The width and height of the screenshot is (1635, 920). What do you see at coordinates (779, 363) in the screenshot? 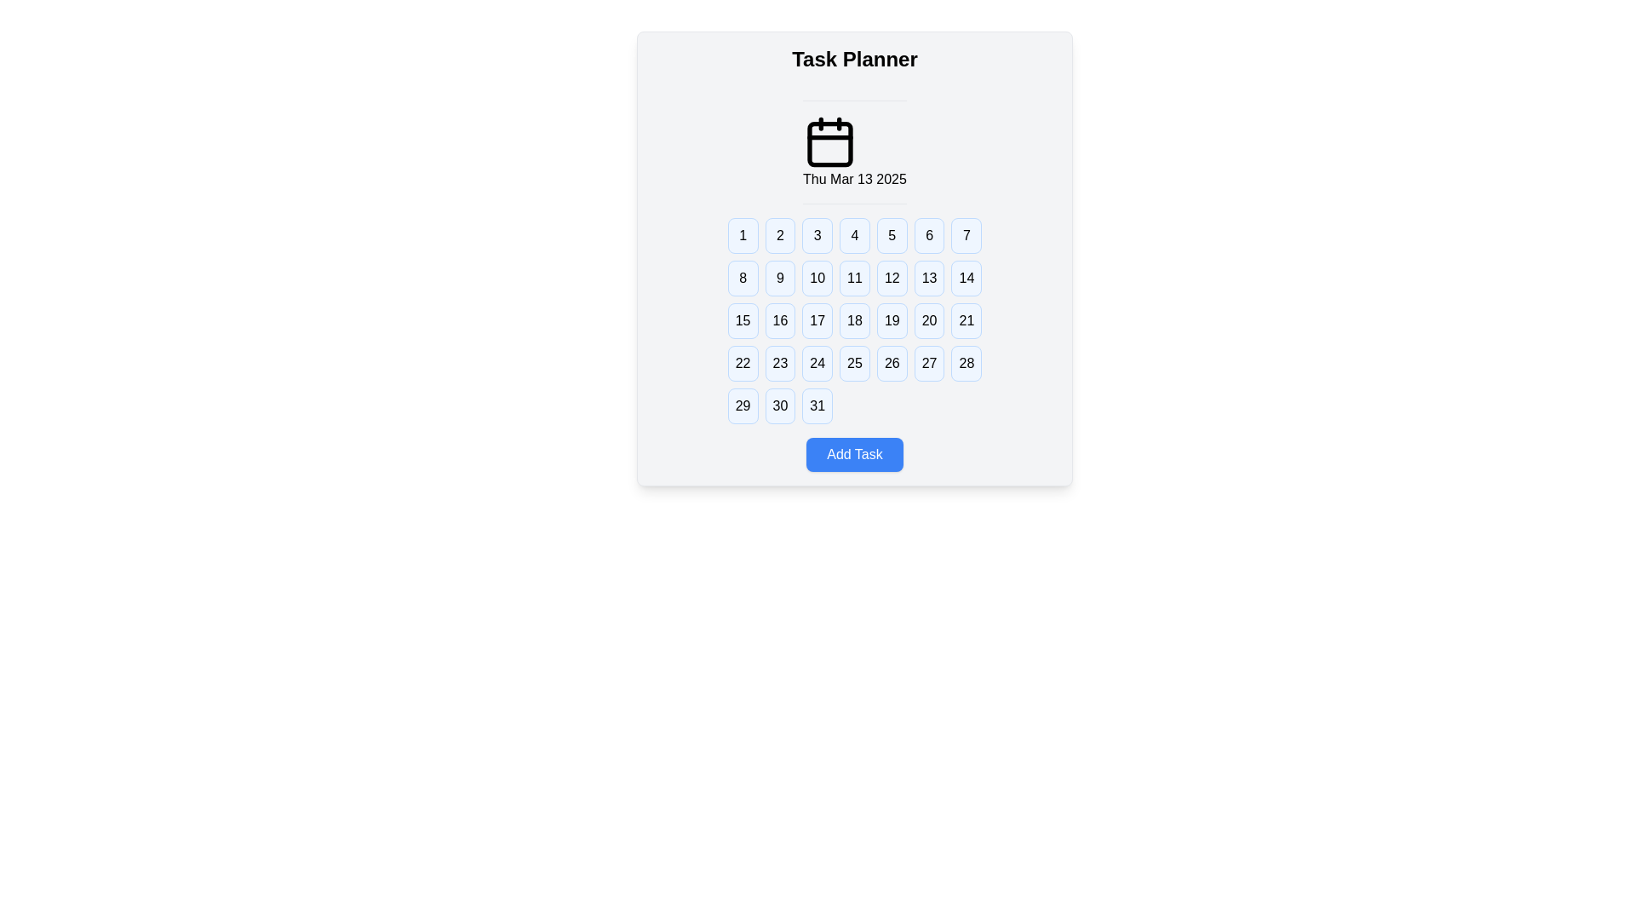
I see `the rounded rectangular button with light blue background and the text '23' in black, located in the calendar grid under 'Task Planner'` at bounding box center [779, 363].